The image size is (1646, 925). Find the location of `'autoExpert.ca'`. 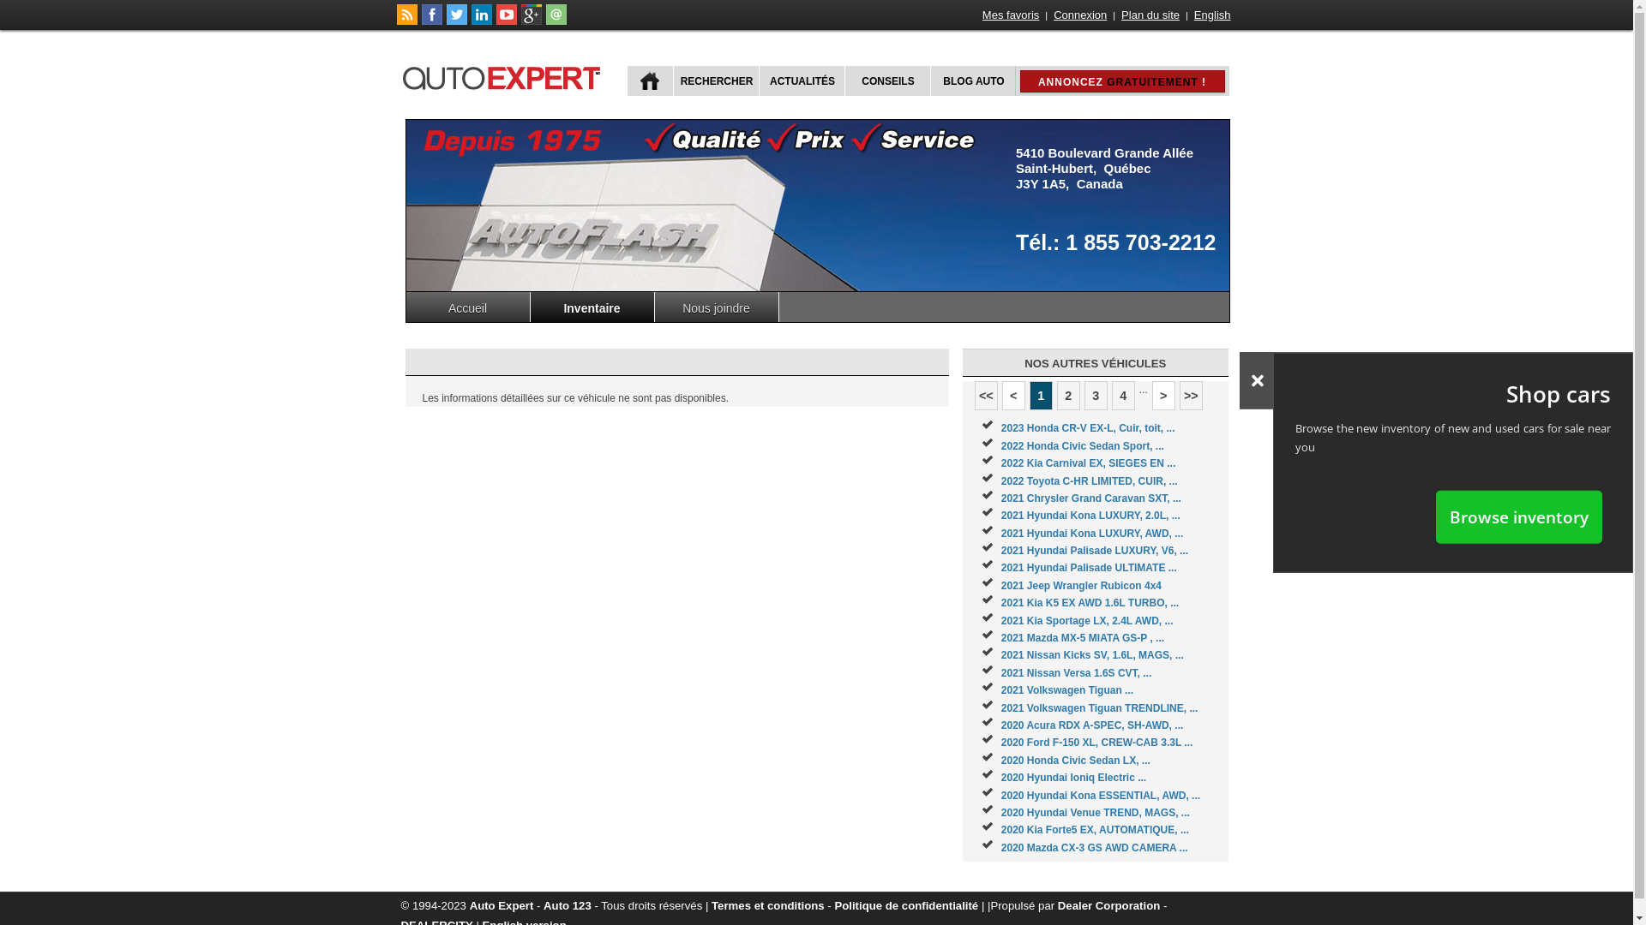

'autoExpert.ca' is located at coordinates (504, 75).